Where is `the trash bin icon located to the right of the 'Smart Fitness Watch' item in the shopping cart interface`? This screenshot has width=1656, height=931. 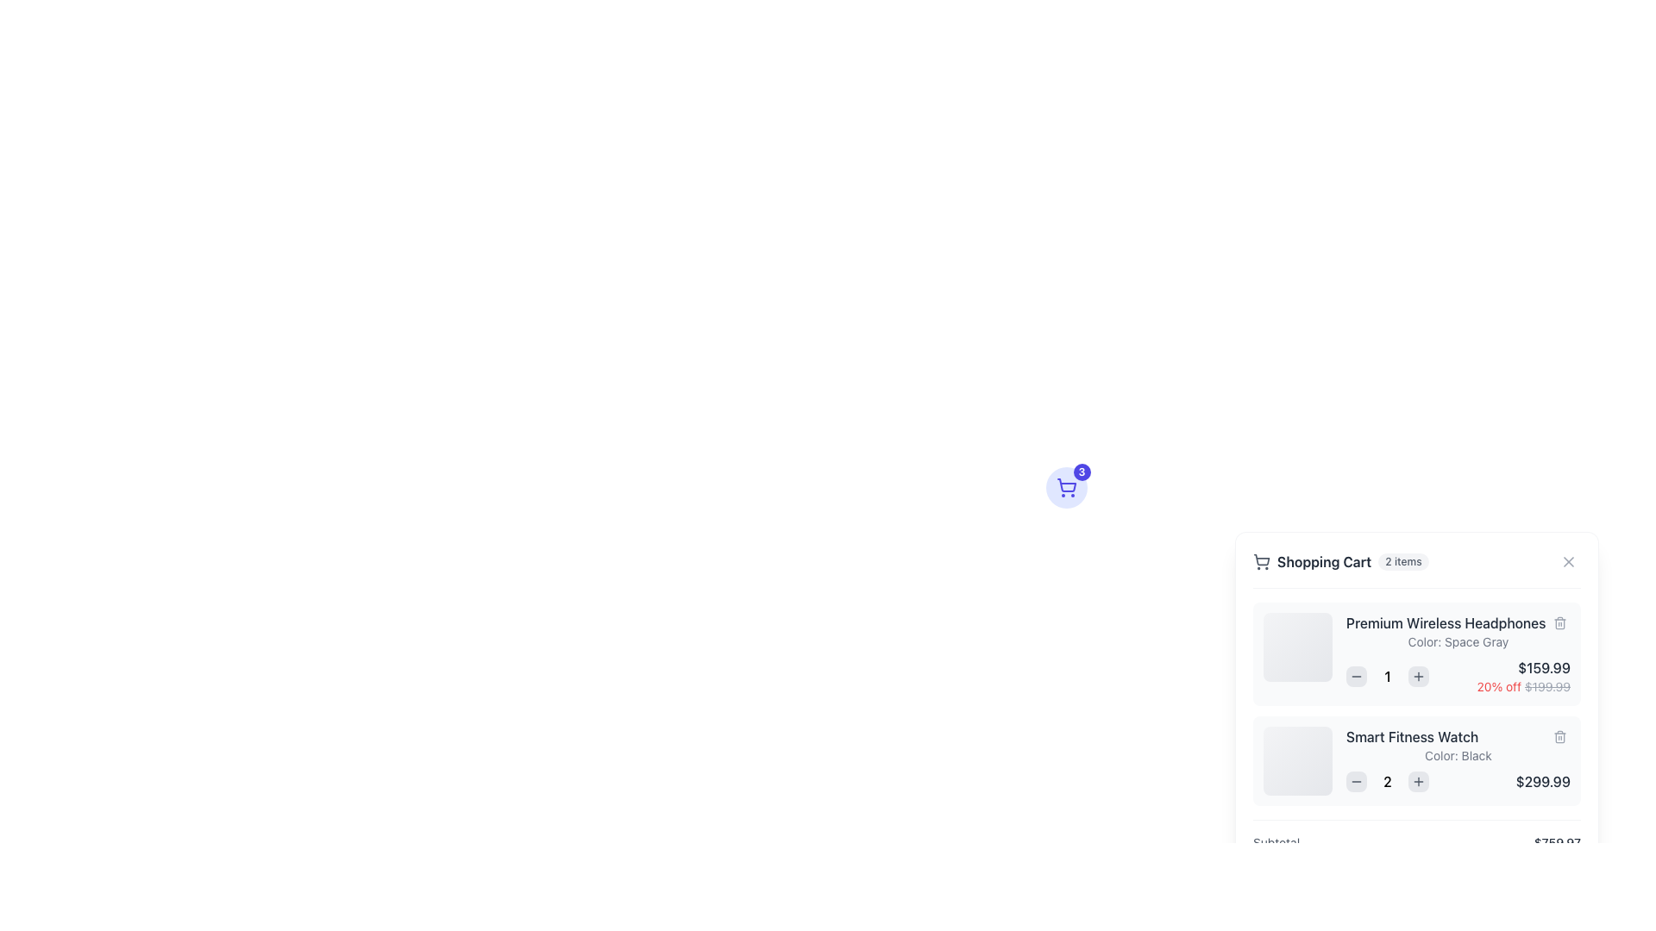 the trash bin icon located to the right of the 'Smart Fitness Watch' item in the shopping cart interface is located at coordinates (1560, 737).